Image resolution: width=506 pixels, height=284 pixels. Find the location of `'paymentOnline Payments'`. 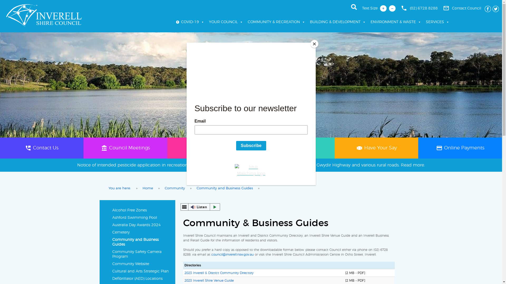

'paymentOnline Payments' is located at coordinates (460, 148).